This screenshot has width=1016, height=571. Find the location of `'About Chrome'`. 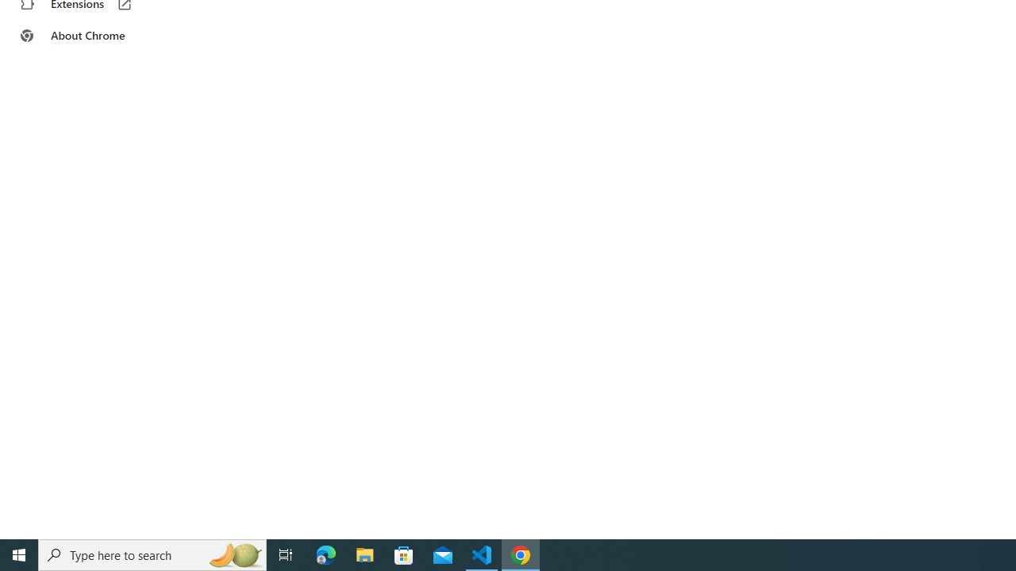

'About Chrome' is located at coordinates (98, 36).